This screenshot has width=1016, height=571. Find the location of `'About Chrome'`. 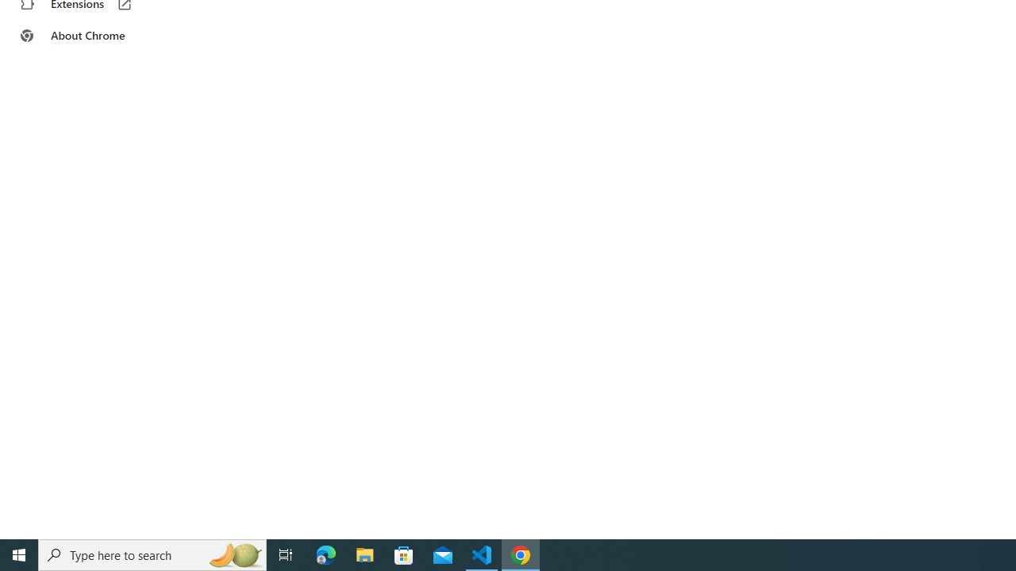

'About Chrome' is located at coordinates (98, 36).